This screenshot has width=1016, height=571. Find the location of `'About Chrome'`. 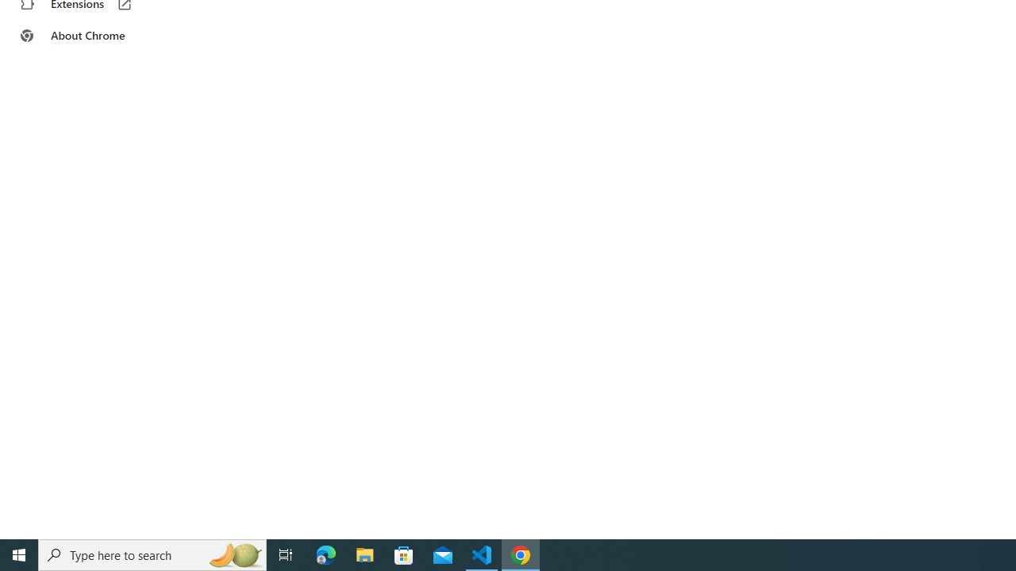

'About Chrome' is located at coordinates (98, 36).